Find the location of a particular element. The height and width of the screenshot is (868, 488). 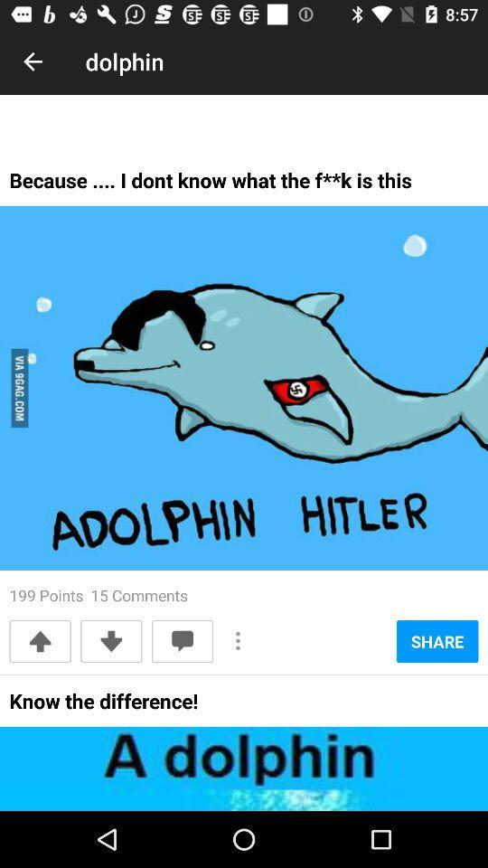

item to the left of dolphin is located at coordinates (33, 61).